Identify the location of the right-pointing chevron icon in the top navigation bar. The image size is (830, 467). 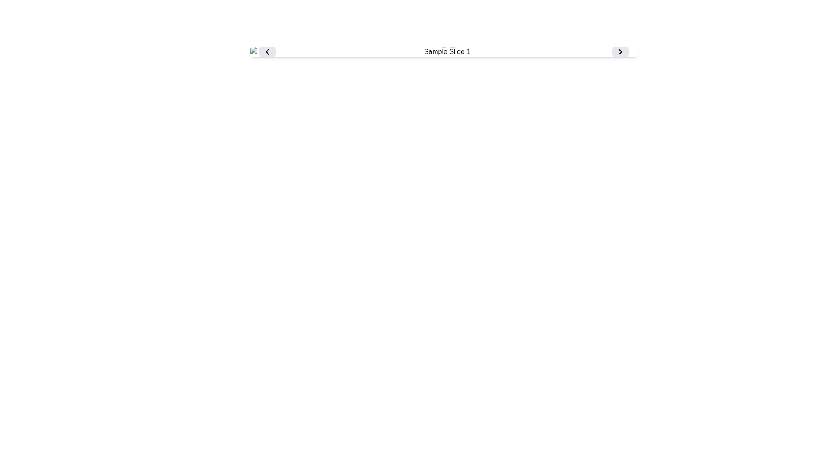
(619, 51).